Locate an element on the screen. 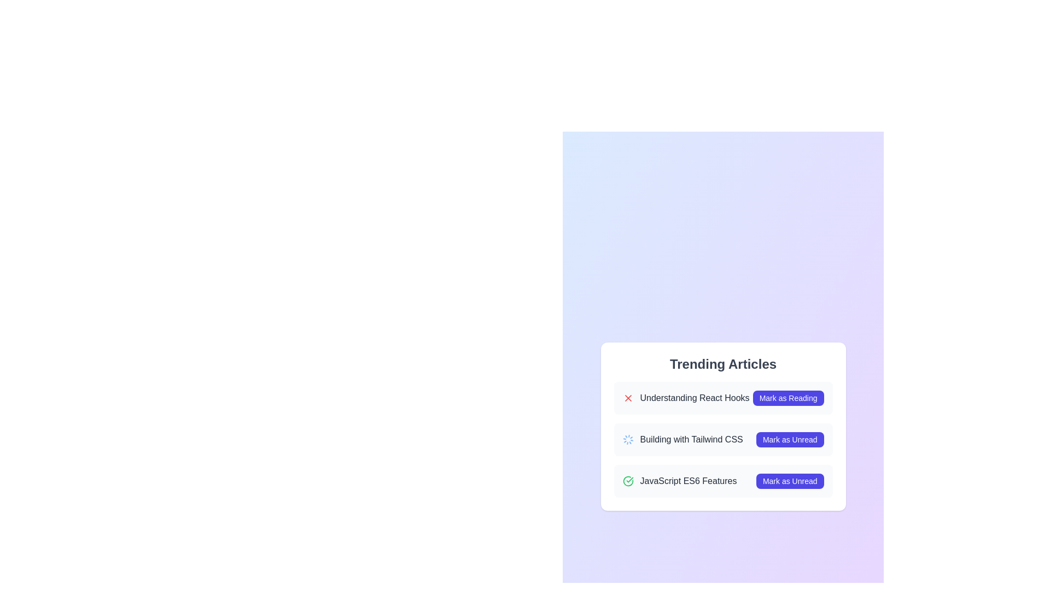 Image resolution: width=1050 pixels, height=590 pixels. the text fragment 'JavaScript ES6 Features', which is styled with medium font weight and dark gray color is located at coordinates (687, 480).